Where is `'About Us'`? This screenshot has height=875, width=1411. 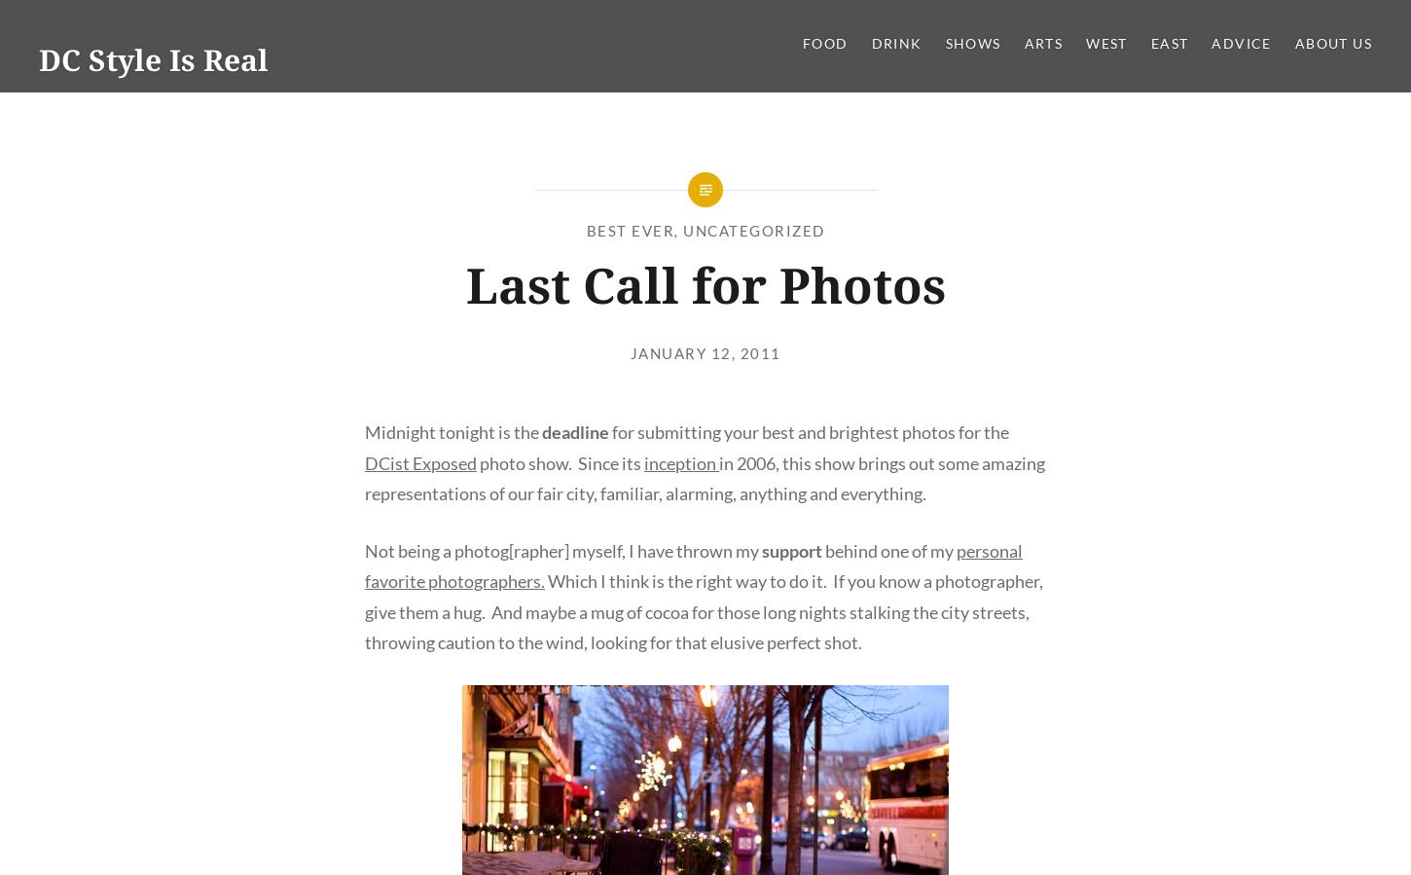 'About Us' is located at coordinates (1331, 42).